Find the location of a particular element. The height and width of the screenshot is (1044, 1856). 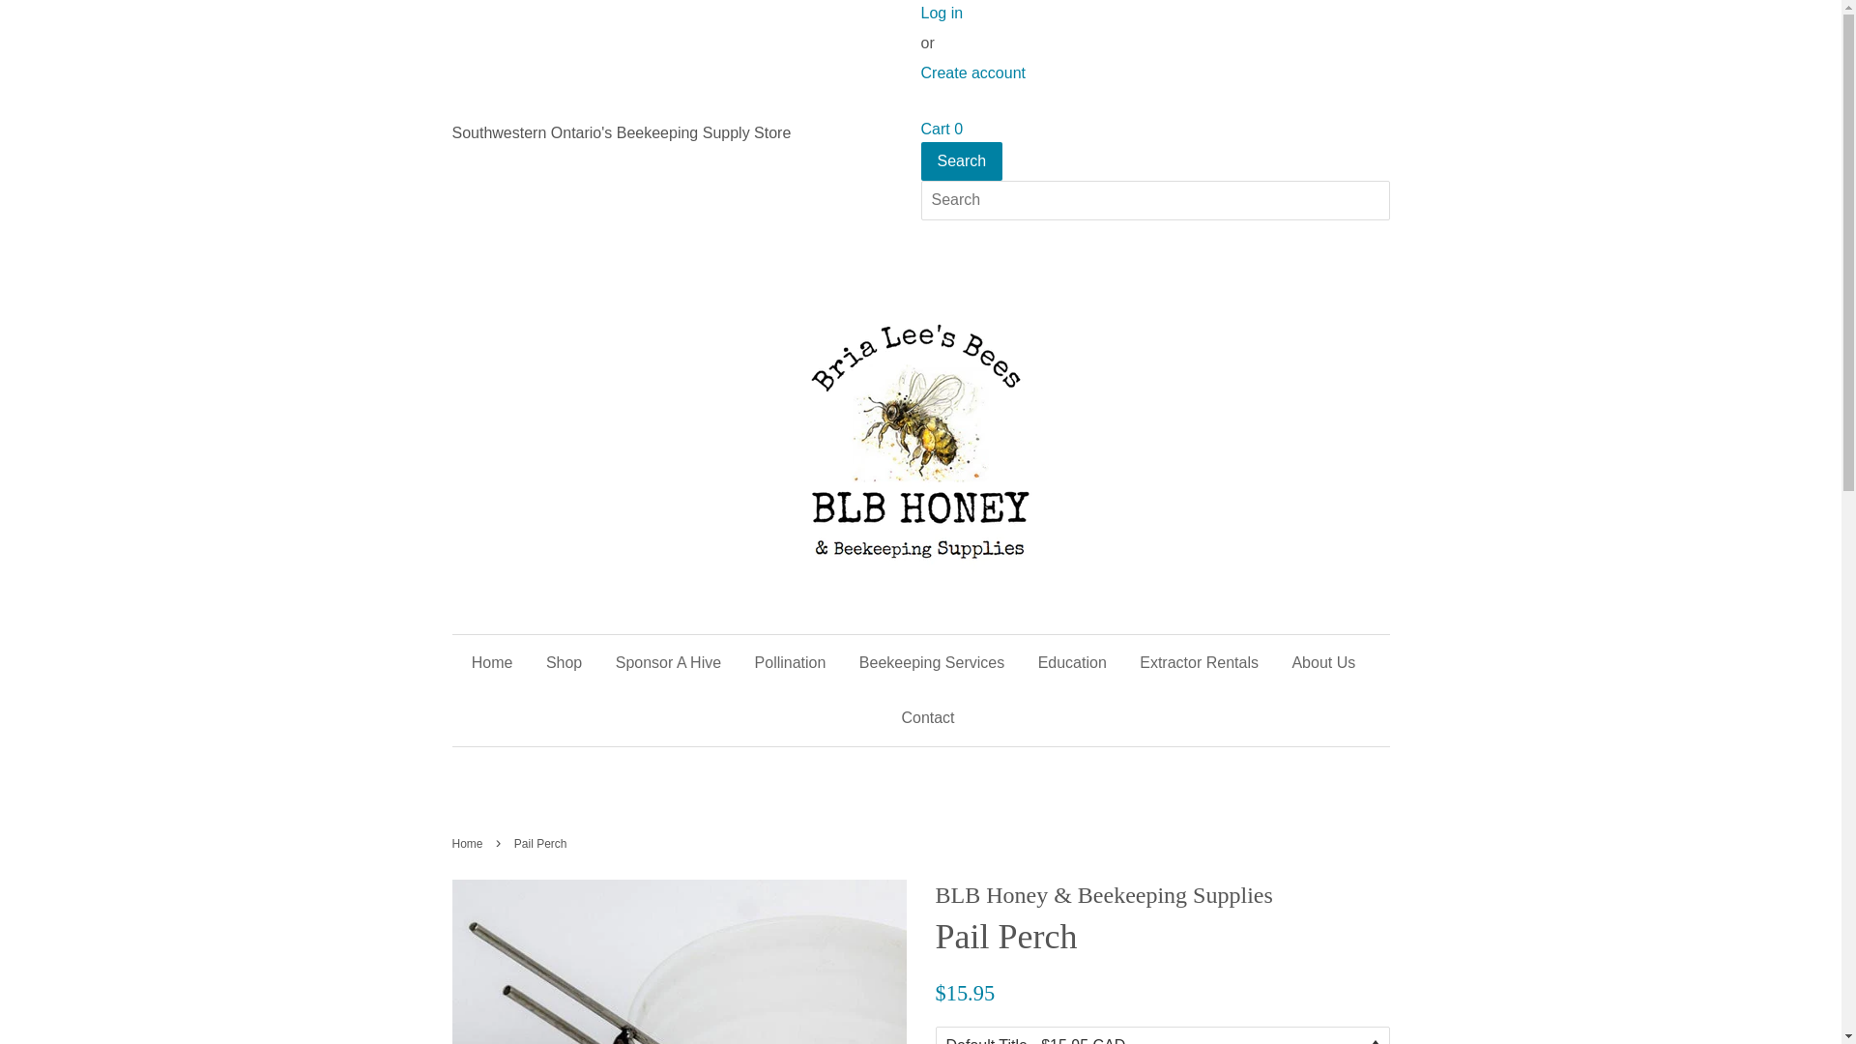

'Contact' is located at coordinates (918, 717).